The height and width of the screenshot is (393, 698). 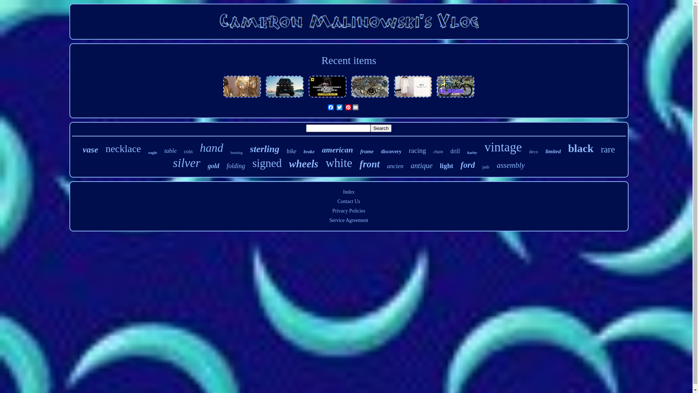 I want to click on 'Privacy Policies', so click(x=332, y=211).